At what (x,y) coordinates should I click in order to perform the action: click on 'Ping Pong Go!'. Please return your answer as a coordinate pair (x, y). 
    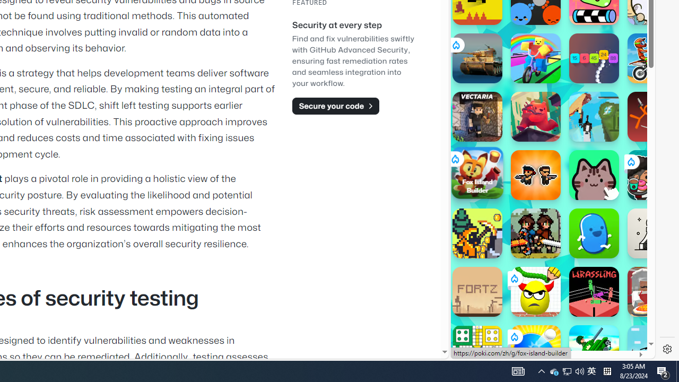
    Looking at the image, I should click on (535, 350).